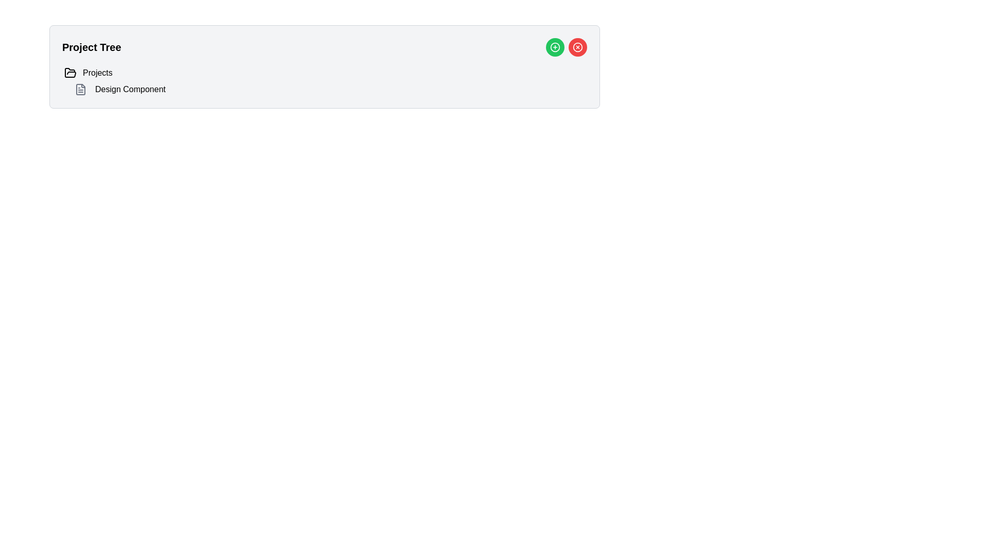  Describe the element at coordinates (80, 89) in the screenshot. I see `the document icon styled with a gray tone` at that location.